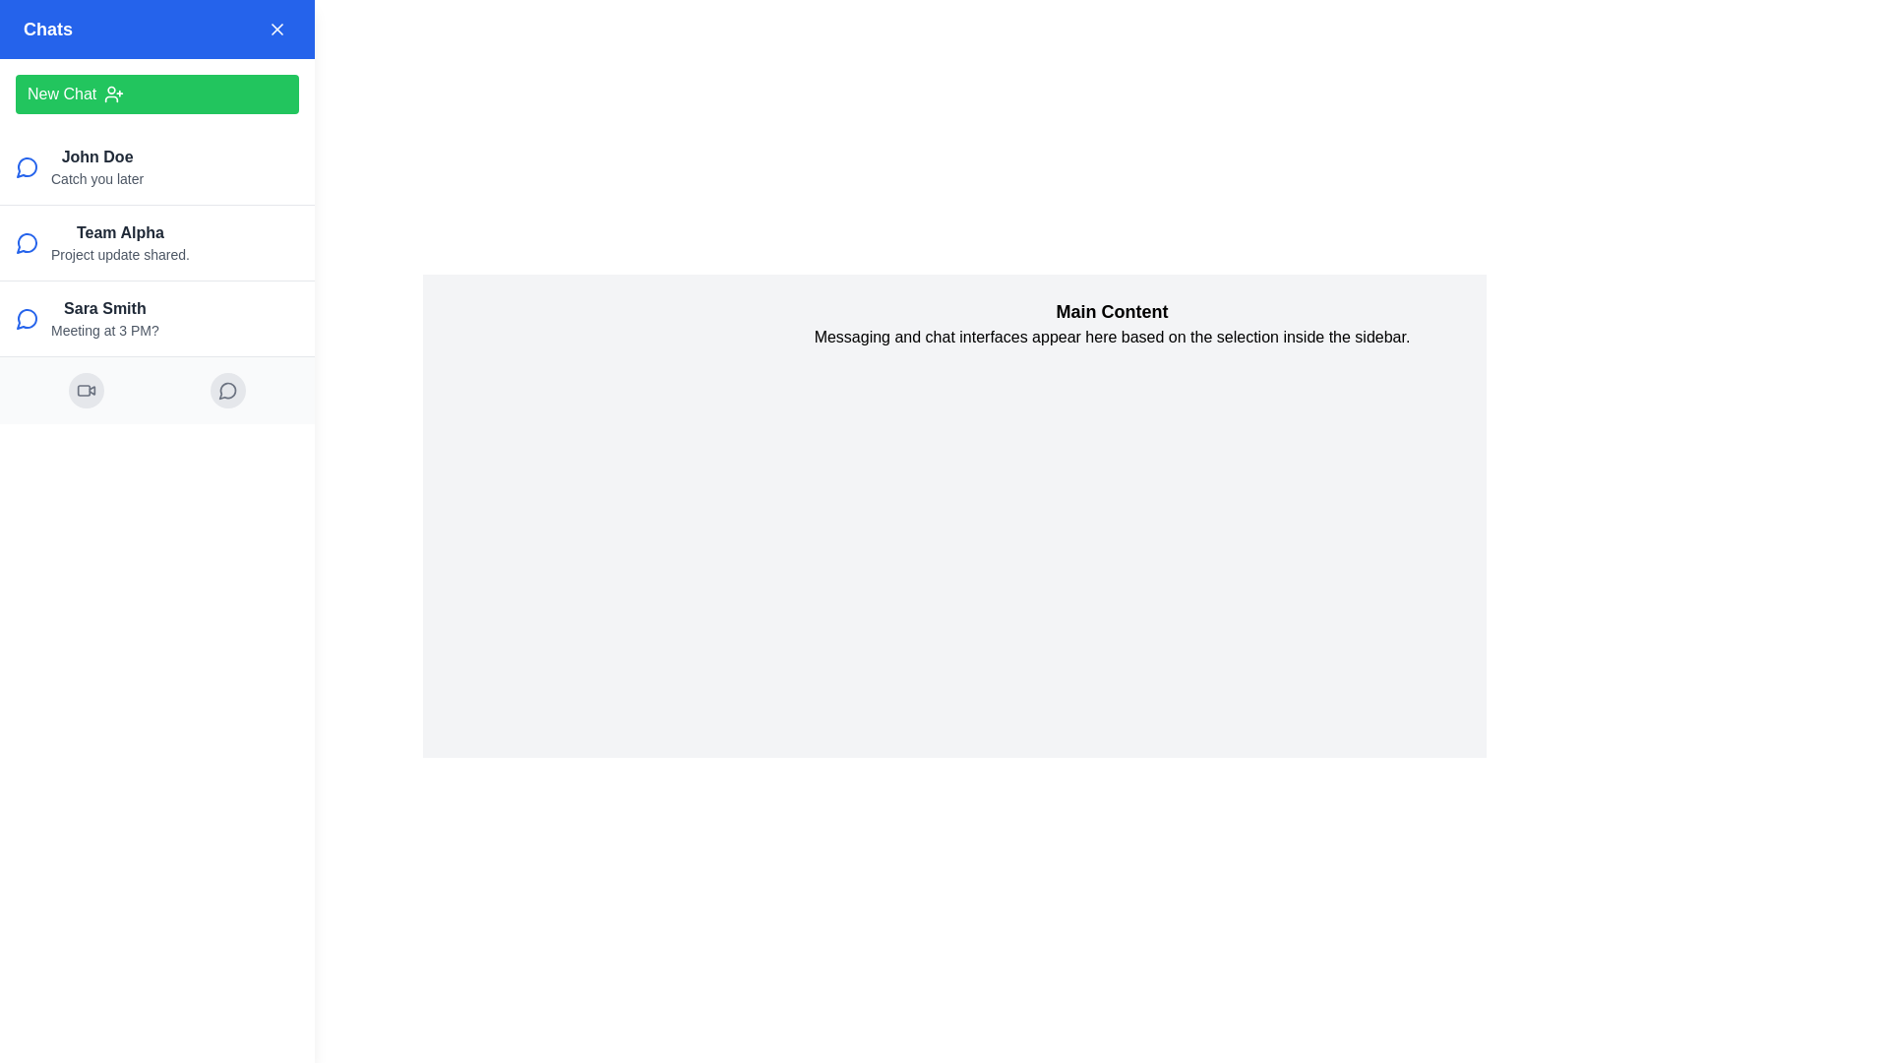 The width and height of the screenshot is (1889, 1063). Describe the element at coordinates (27, 166) in the screenshot. I see `the circular blue outlined icon resembling a message bubble next to the 'Team Alpha' text in the chat sidebar` at that location.